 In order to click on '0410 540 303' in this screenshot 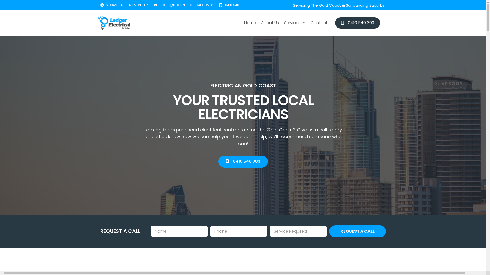, I will do `click(218, 161)`.